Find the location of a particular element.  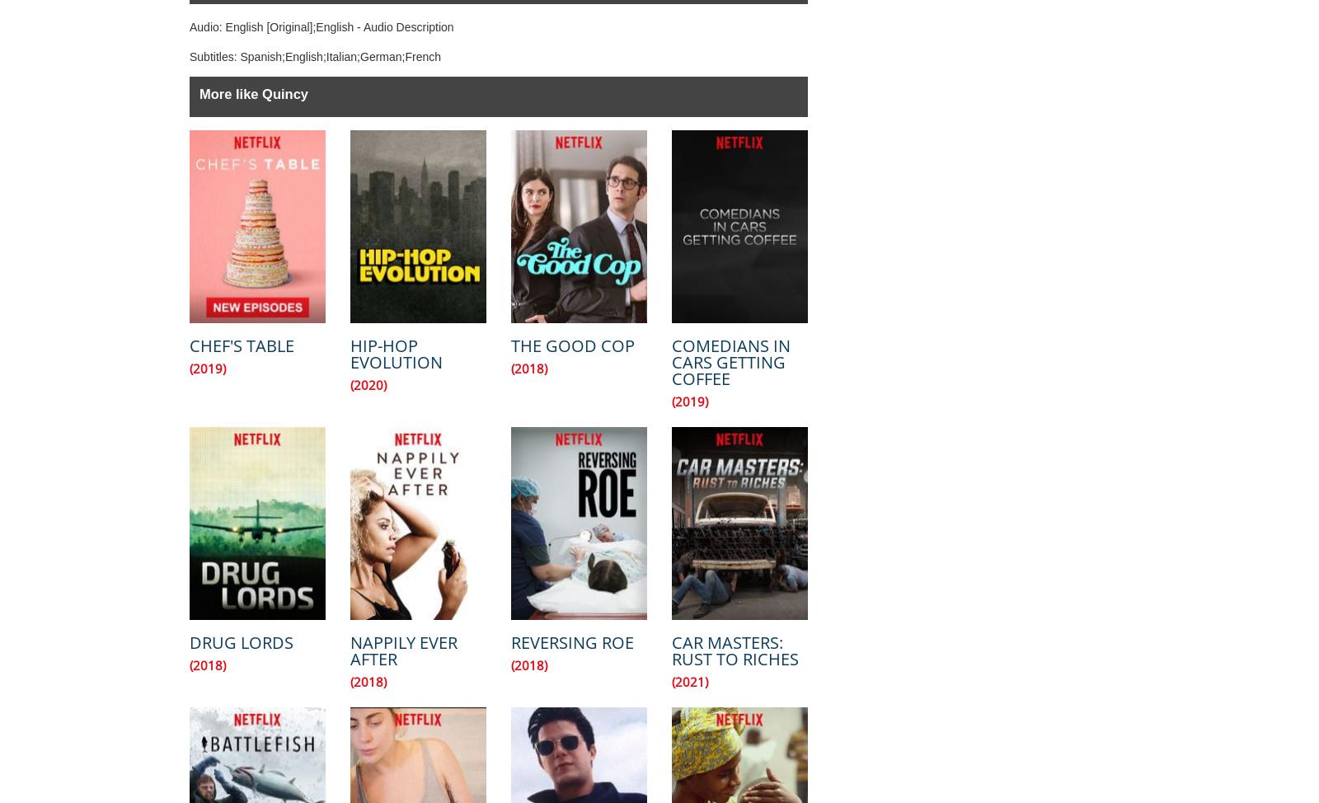

'Reversing Roe' is located at coordinates (572, 641).